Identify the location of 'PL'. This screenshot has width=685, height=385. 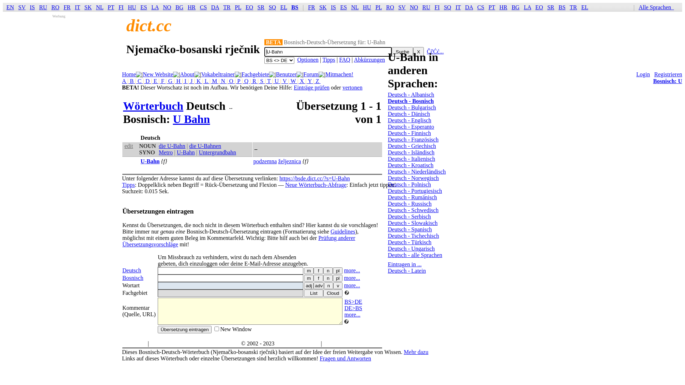
(238, 7).